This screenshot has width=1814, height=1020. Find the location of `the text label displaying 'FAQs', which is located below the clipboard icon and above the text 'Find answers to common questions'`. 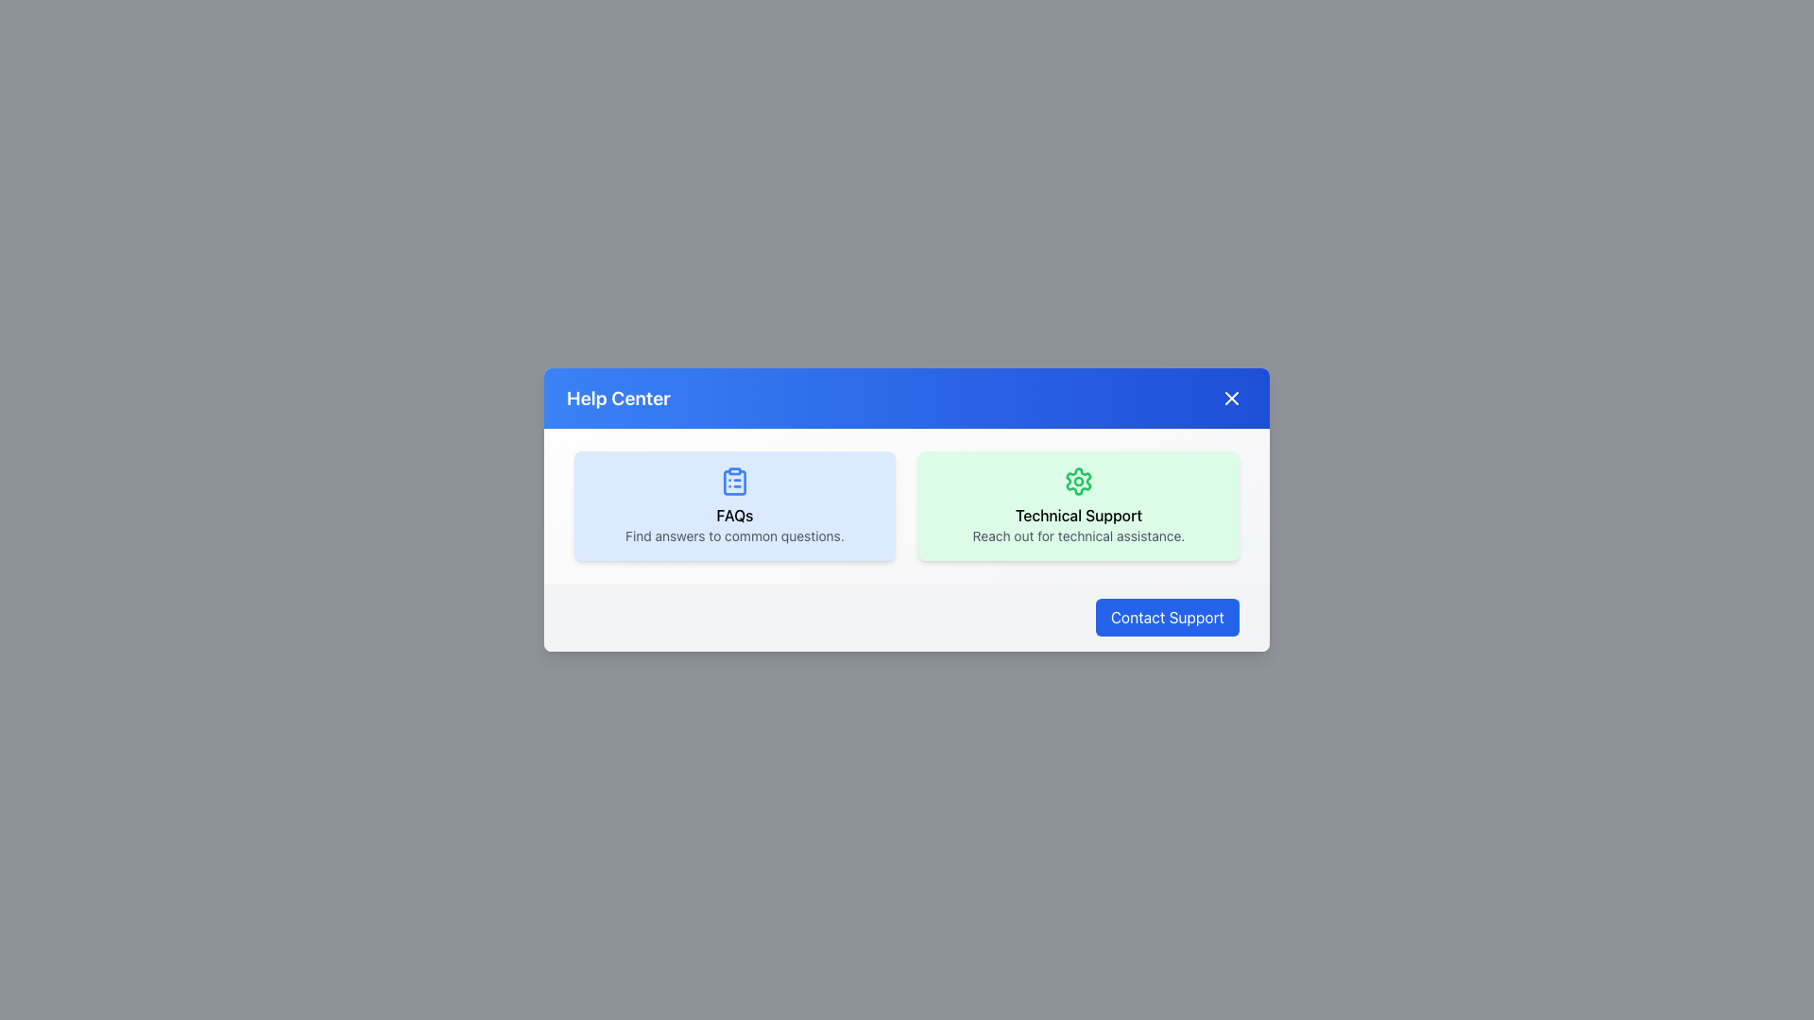

the text label displaying 'FAQs', which is located below the clipboard icon and above the text 'Find answers to common questions' is located at coordinates (733, 516).